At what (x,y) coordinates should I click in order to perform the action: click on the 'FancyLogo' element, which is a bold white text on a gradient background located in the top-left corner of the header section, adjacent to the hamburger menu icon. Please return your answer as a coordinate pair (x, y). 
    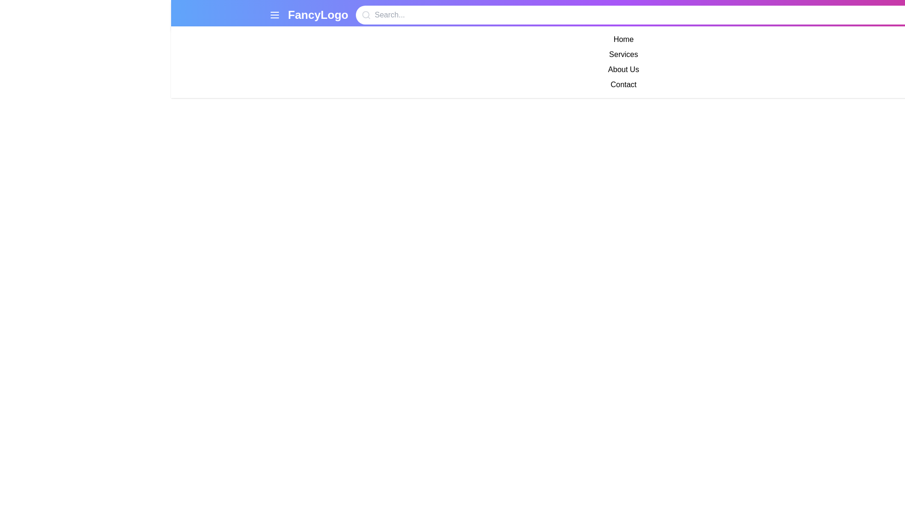
    Looking at the image, I should click on (309, 15).